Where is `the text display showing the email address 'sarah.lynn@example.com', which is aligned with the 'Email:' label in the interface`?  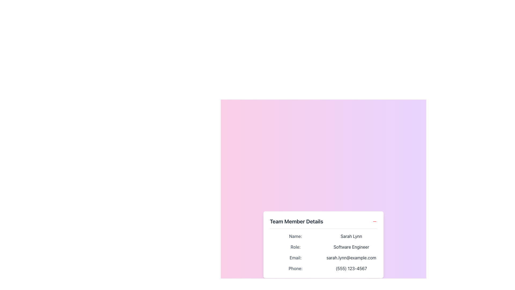 the text display showing the email address 'sarah.lynn@example.com', which is aligned with the 'Email:' label in the interface is located at coordinates (351, 257).